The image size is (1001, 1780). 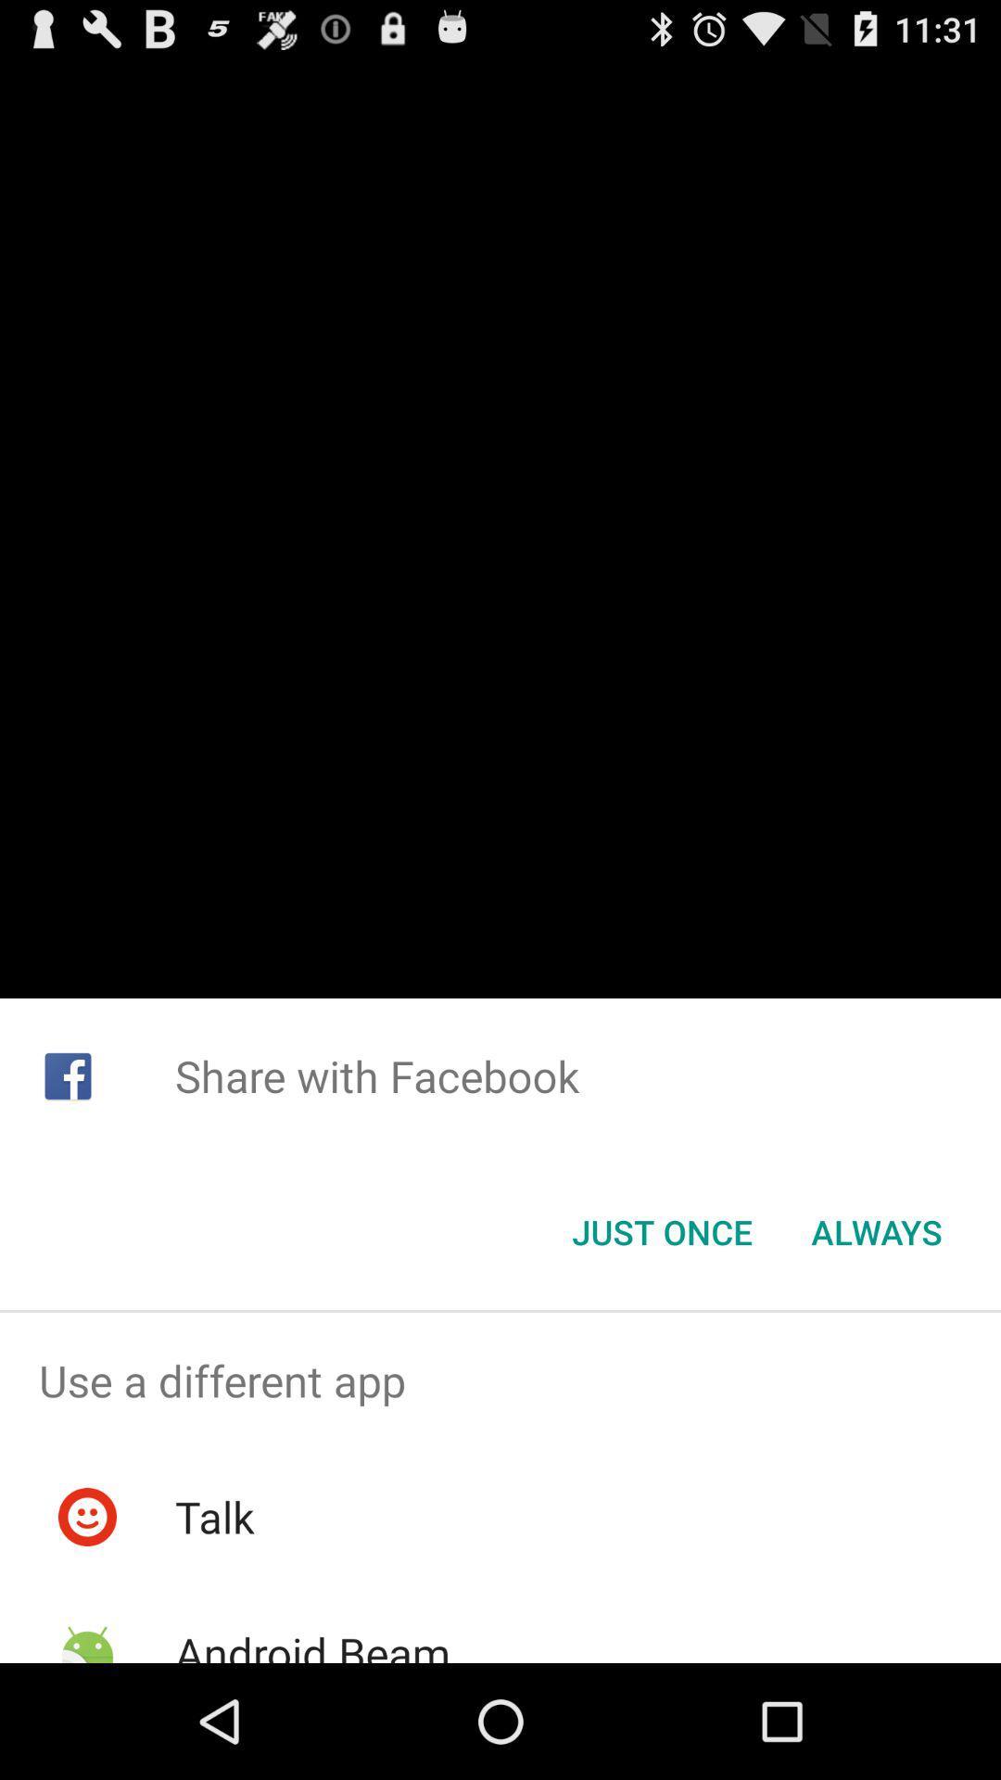 What do you see at coordinates (213, 1517) in the screenshot?
I see `the icon below use a different item` at bounding box center [213, 1517].